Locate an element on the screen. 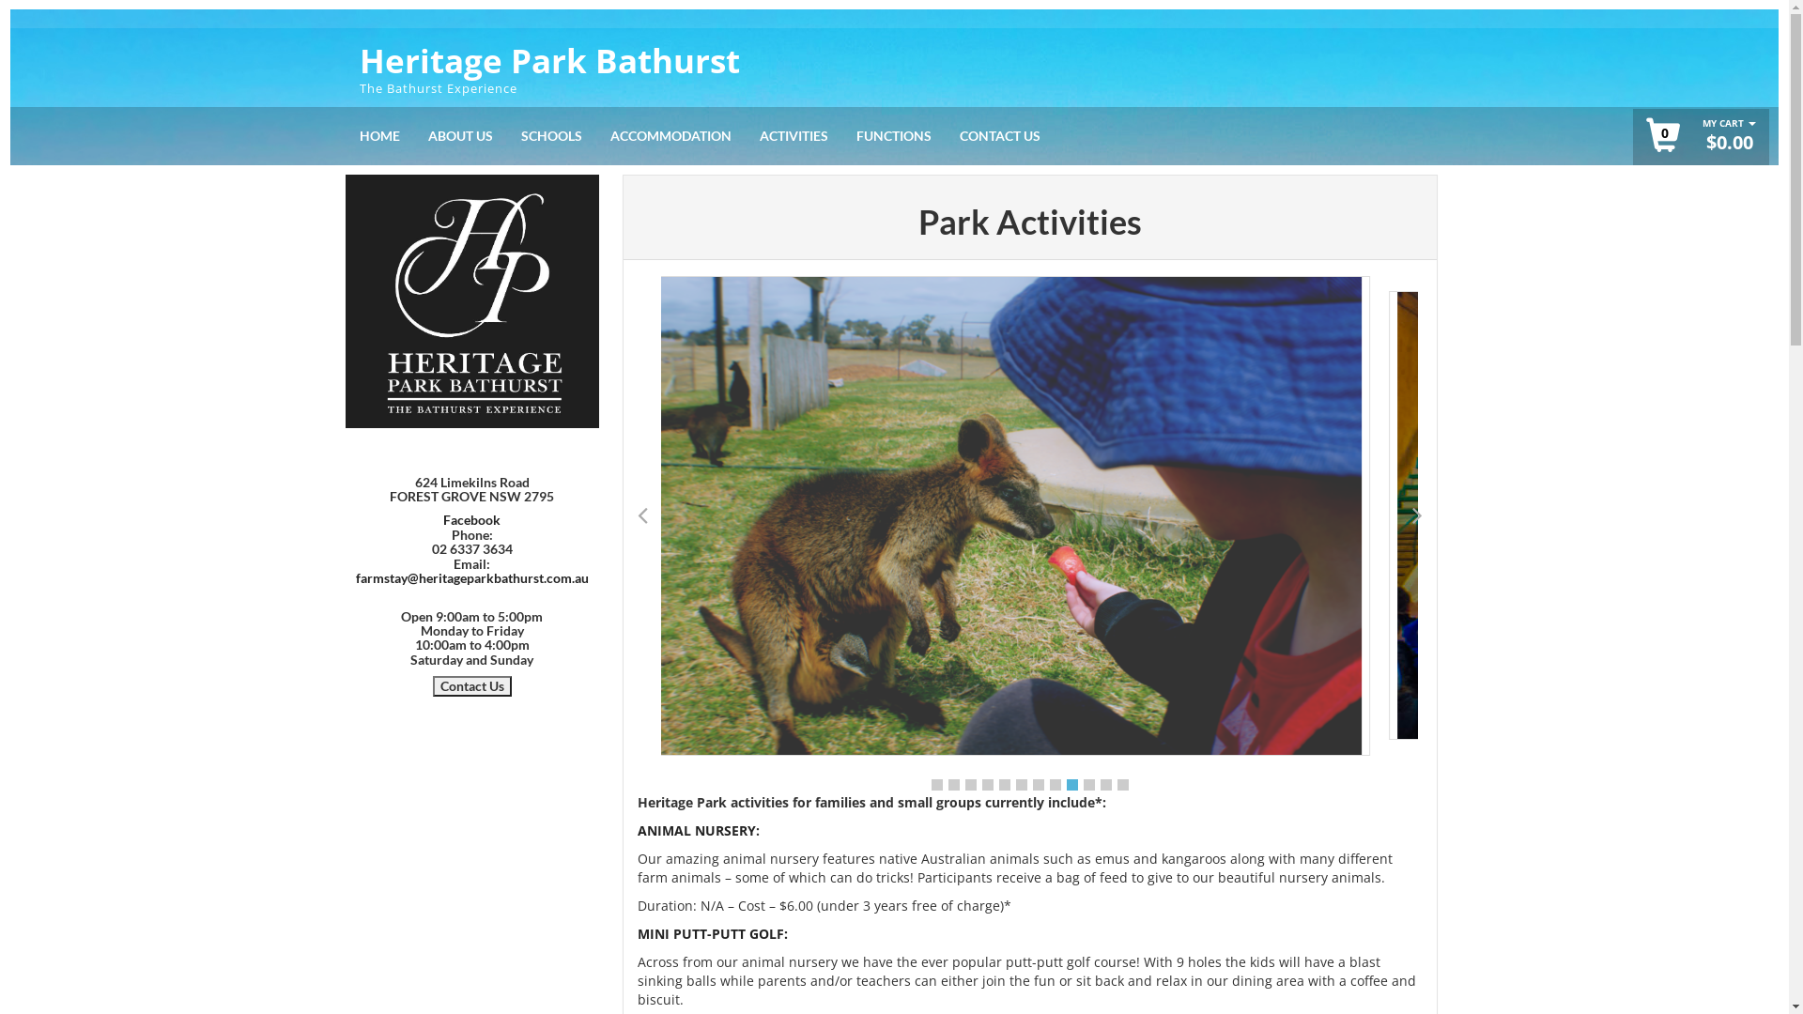 This screenshot has height=1014, width=1803. 'Contact Us' is located at coordinates (431, 685).